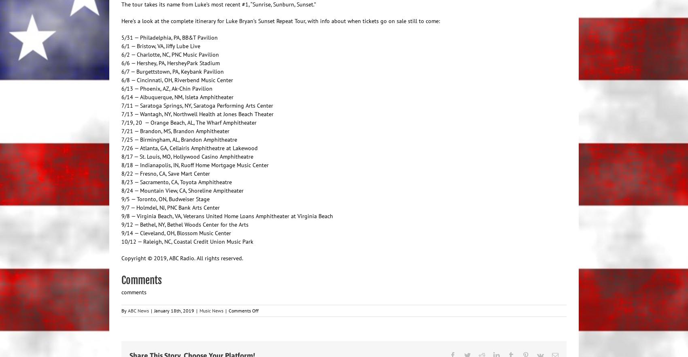  I want to click on 'By', so click(125, 310).